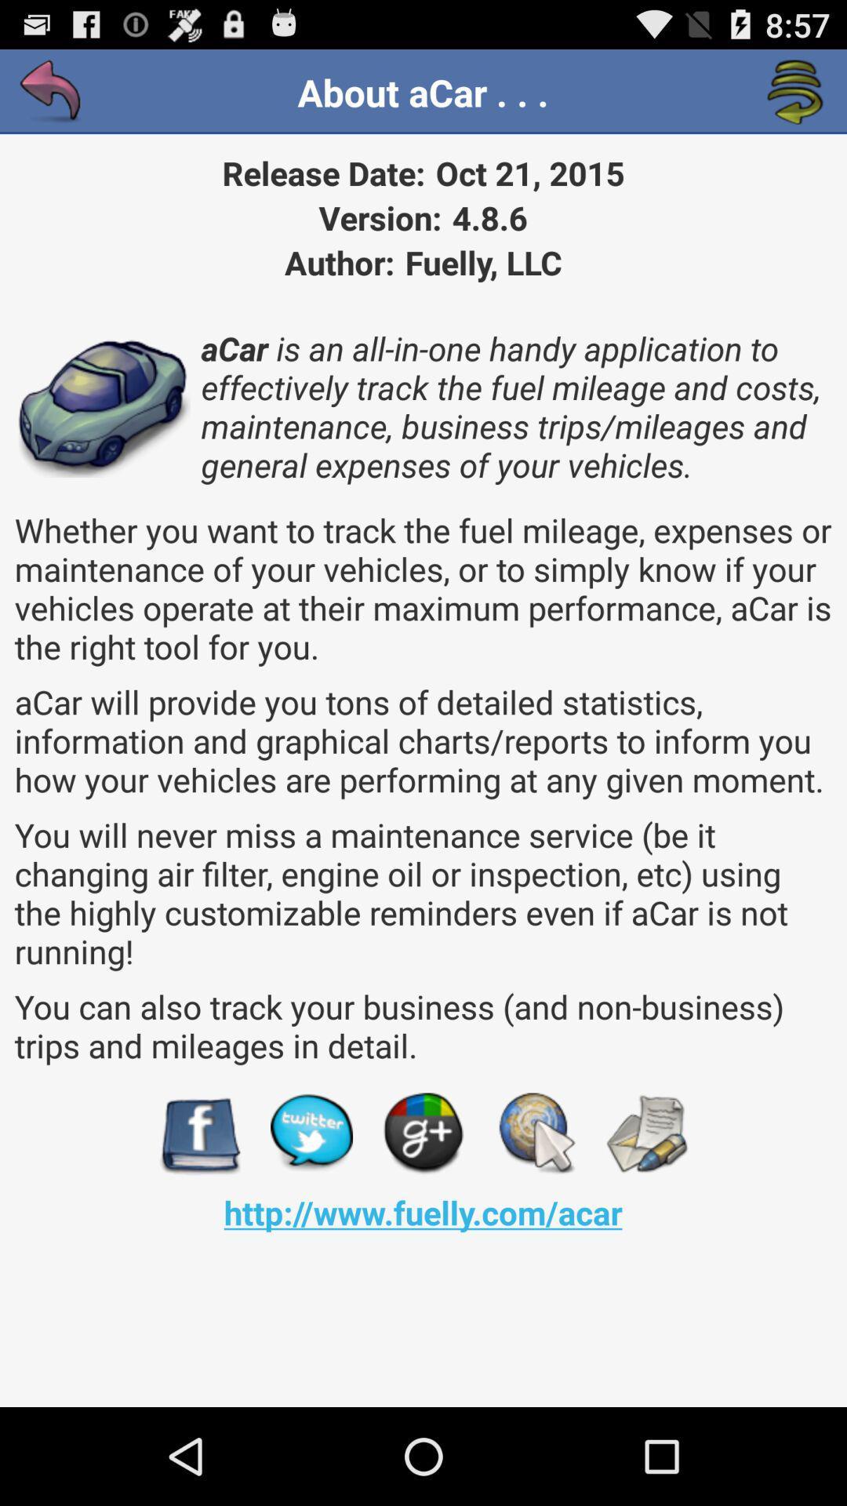 This screenshot has width=847, height=1506. I want to click on the facebook icon, so click(198, 1213).